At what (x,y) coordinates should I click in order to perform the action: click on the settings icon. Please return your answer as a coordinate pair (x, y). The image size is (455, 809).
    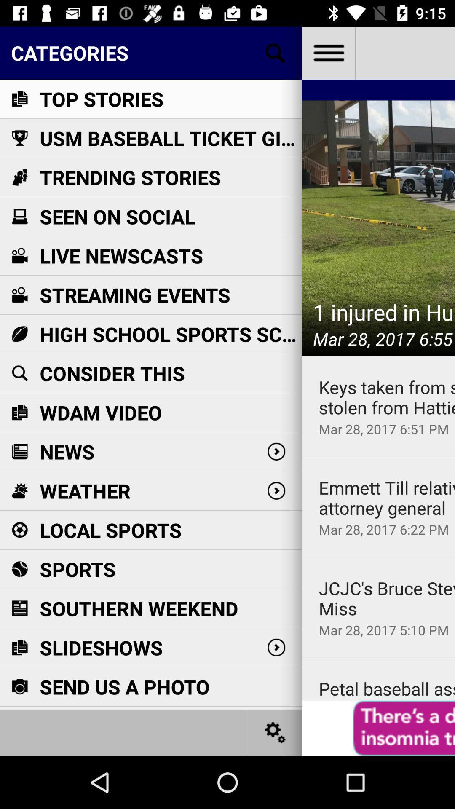
    Looking at the image, I should click on (276, 732).